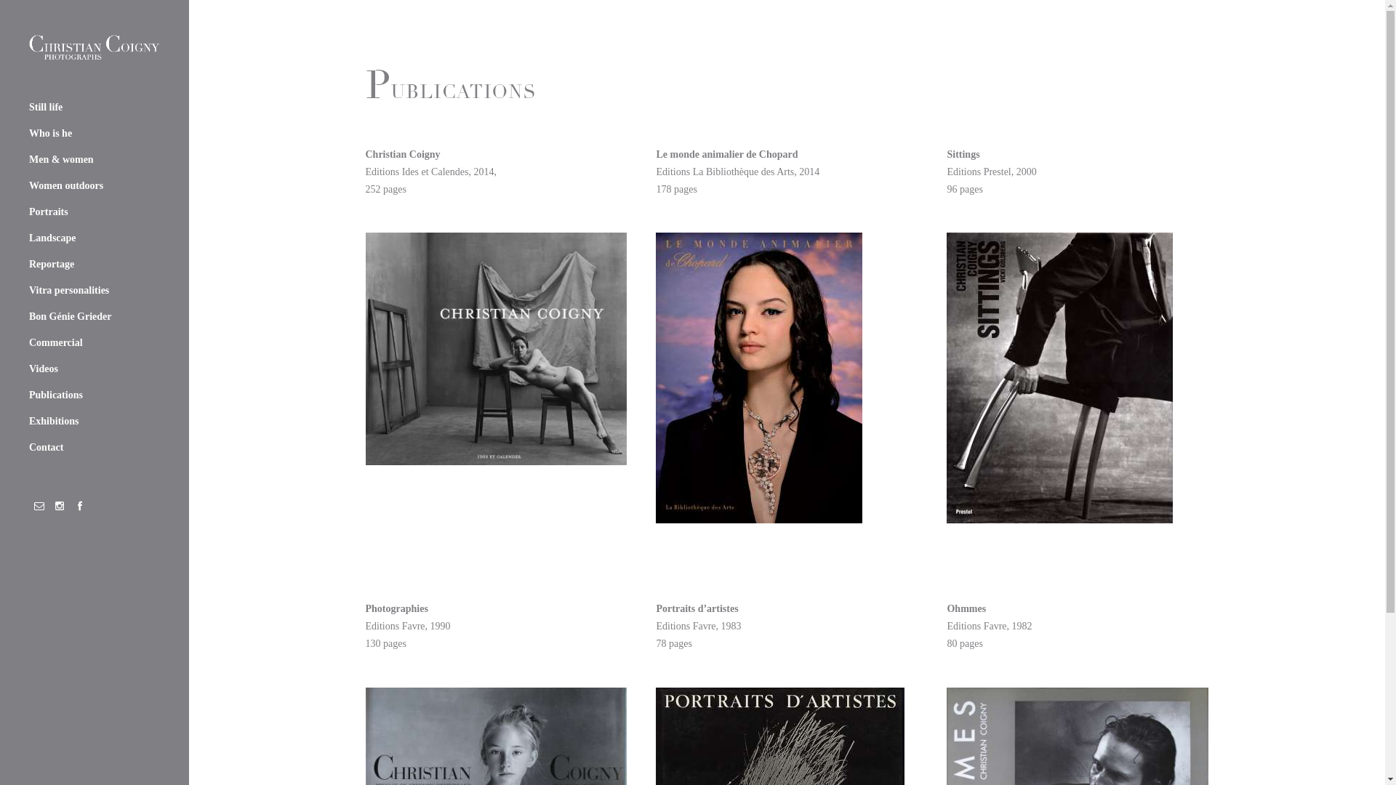 This screenshot has height=785, width=1396. I want to click on 'Portraits', so click(93, 212).